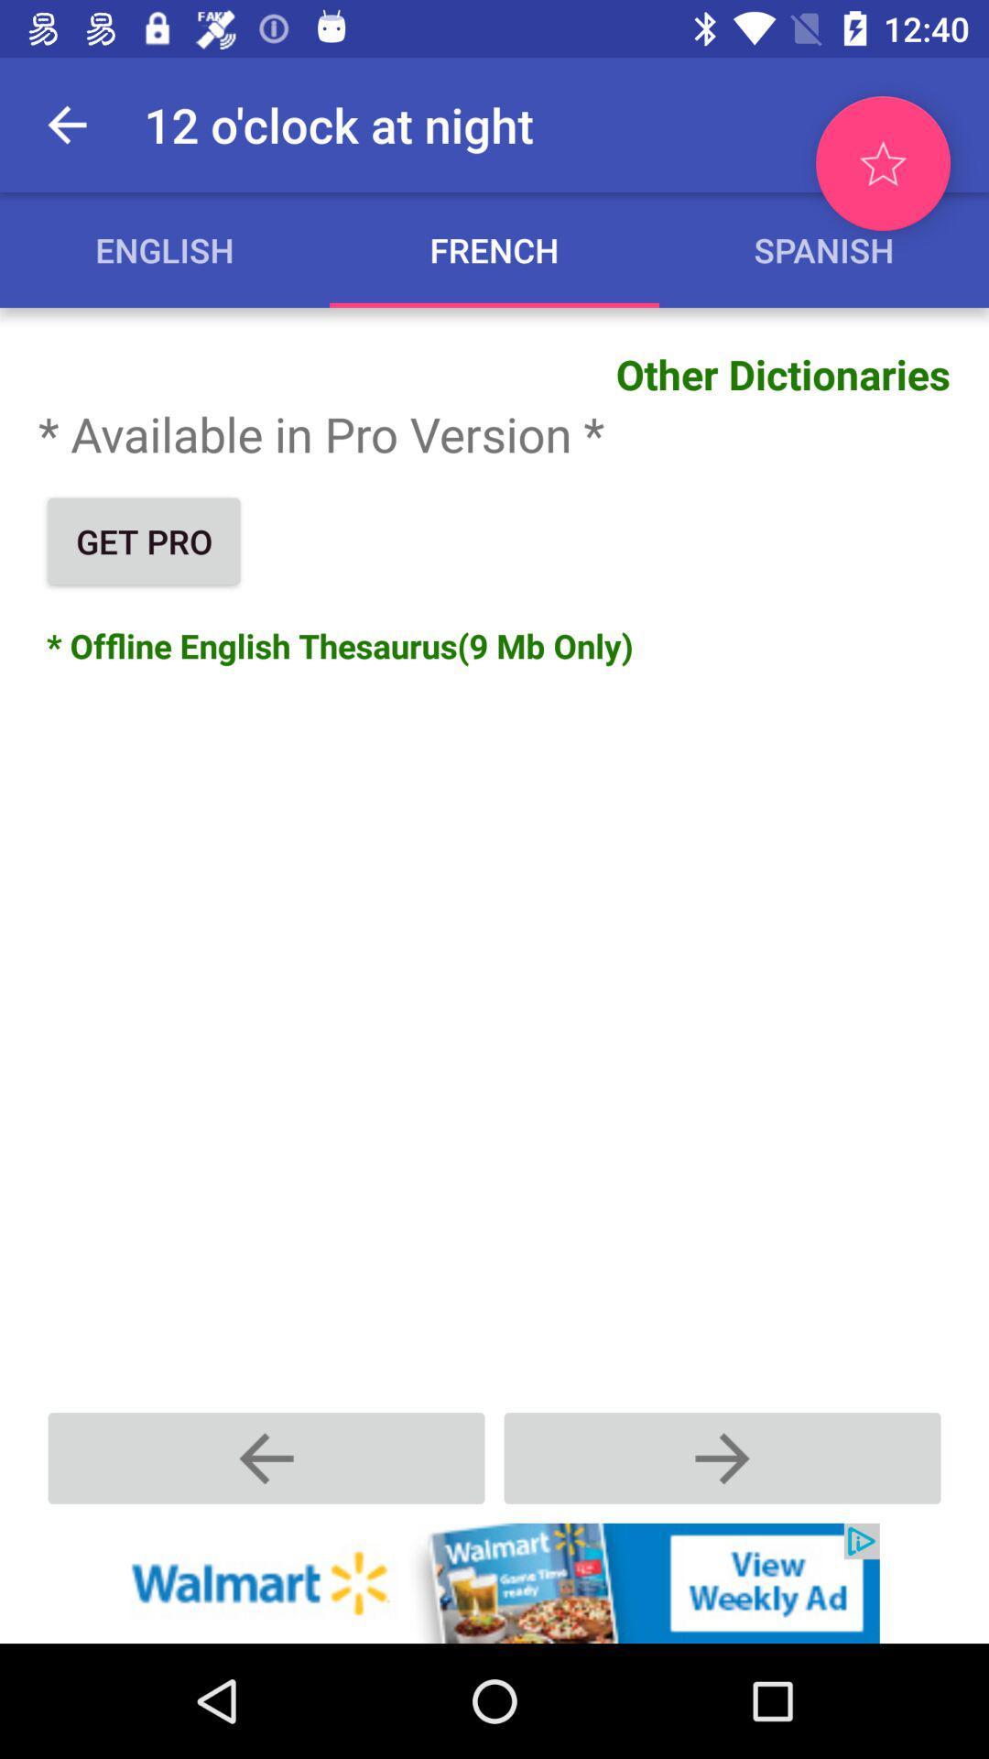 The image size is (989, 1759). I want to click on advertisement, so click(494, 1582).